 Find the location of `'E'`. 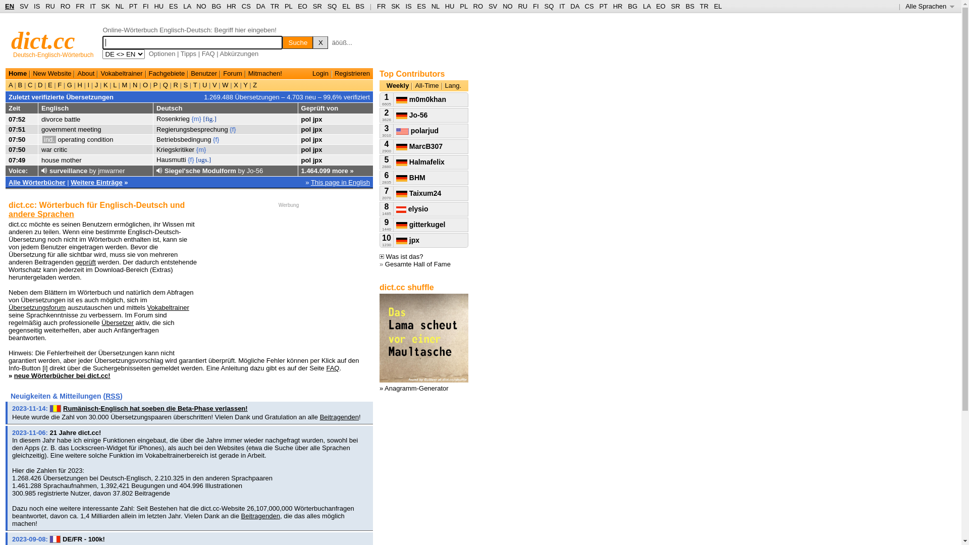

'E' is located at coordinates (49, 84).